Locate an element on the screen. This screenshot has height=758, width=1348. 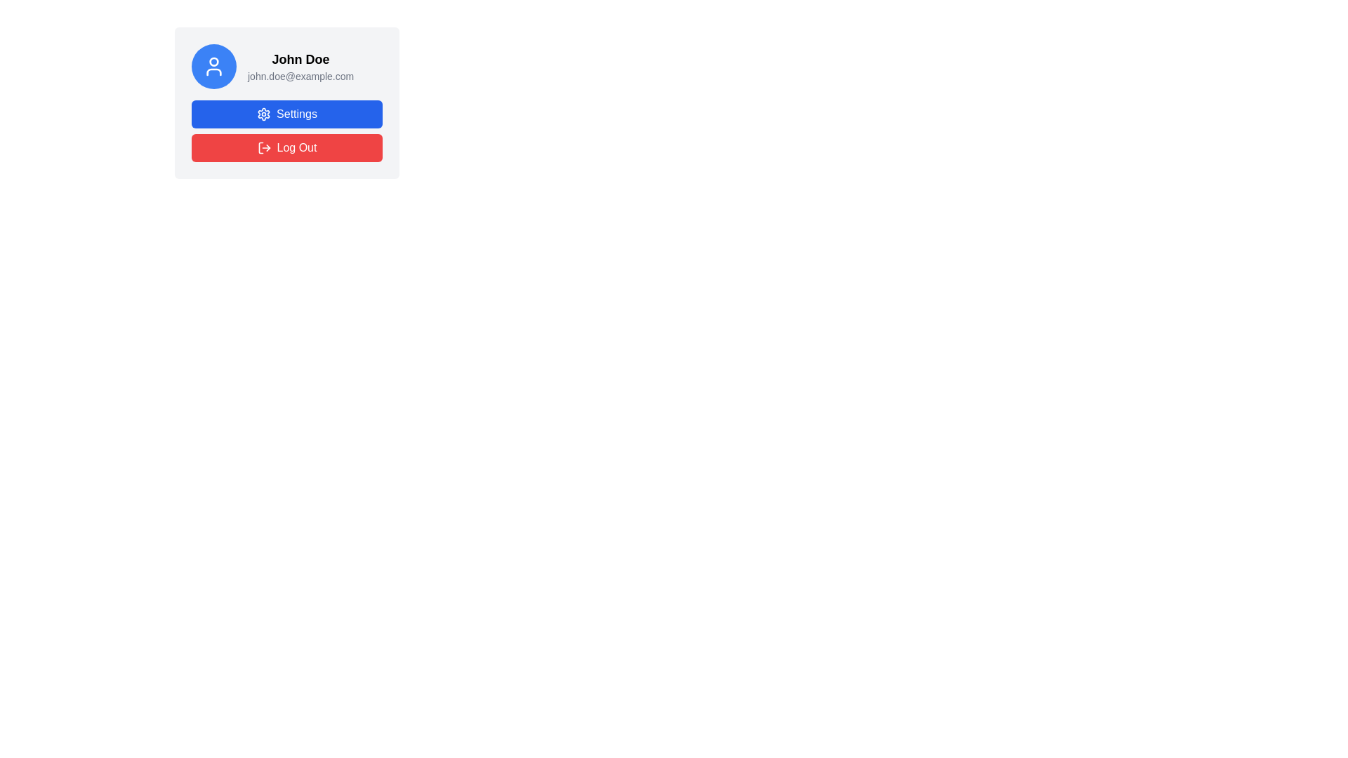
the text label inside the top button, which is located below the user's name and above the 'Log Out' button is located at coordinates (296, 113).